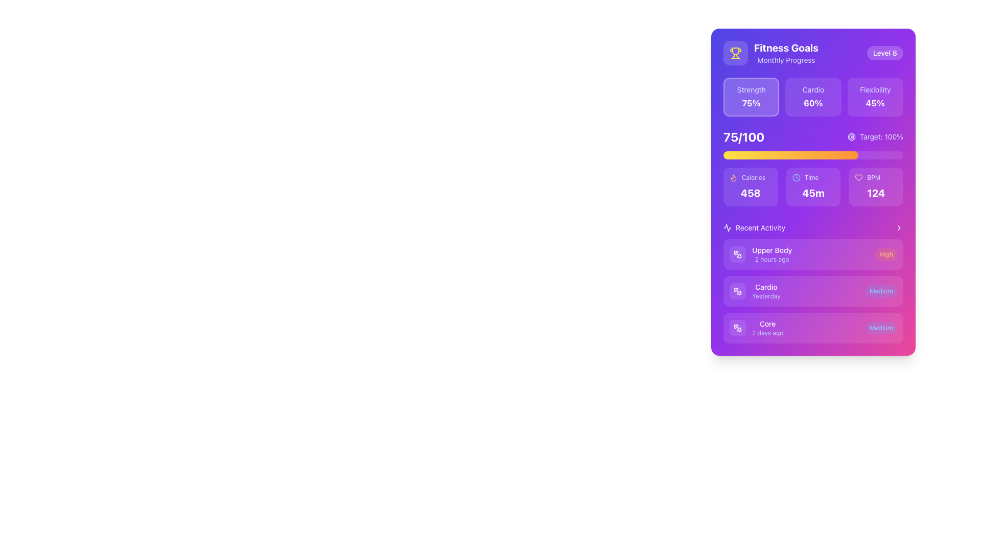  Describe the element at coordinates (785, 60) in the screenshot. I see `the 'Monthly Progress' text label, which is styled in light indigo and located below the 'Fitness Goals' title` at that location.